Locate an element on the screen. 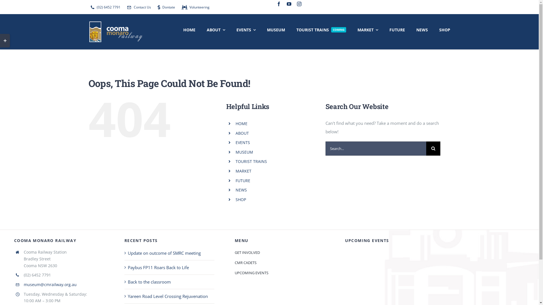 The image size is (543, 305). 'TOURIST TRAINS is located at coordinates (321, 29).